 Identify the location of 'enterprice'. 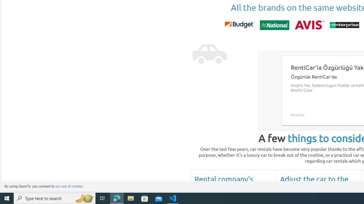
(344, 25).